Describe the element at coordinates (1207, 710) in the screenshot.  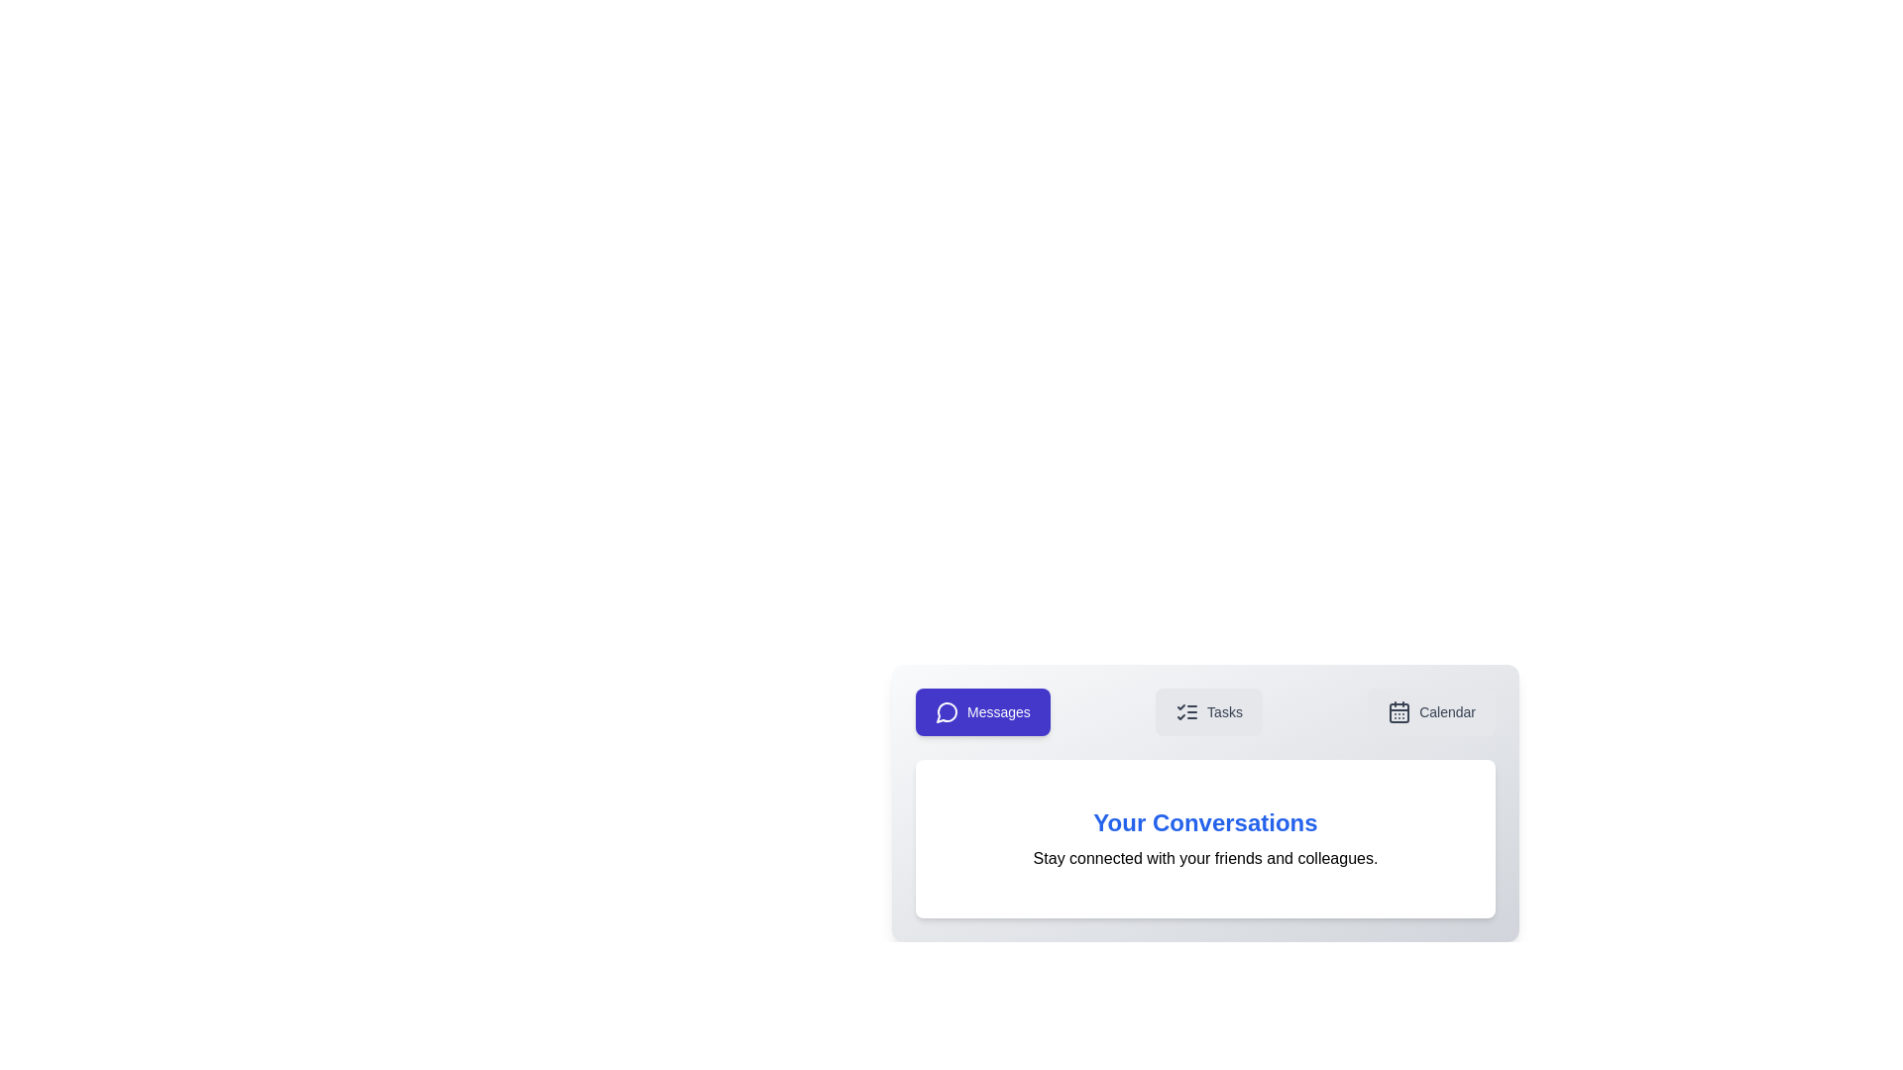
I see `the Tasks tab` at that location.